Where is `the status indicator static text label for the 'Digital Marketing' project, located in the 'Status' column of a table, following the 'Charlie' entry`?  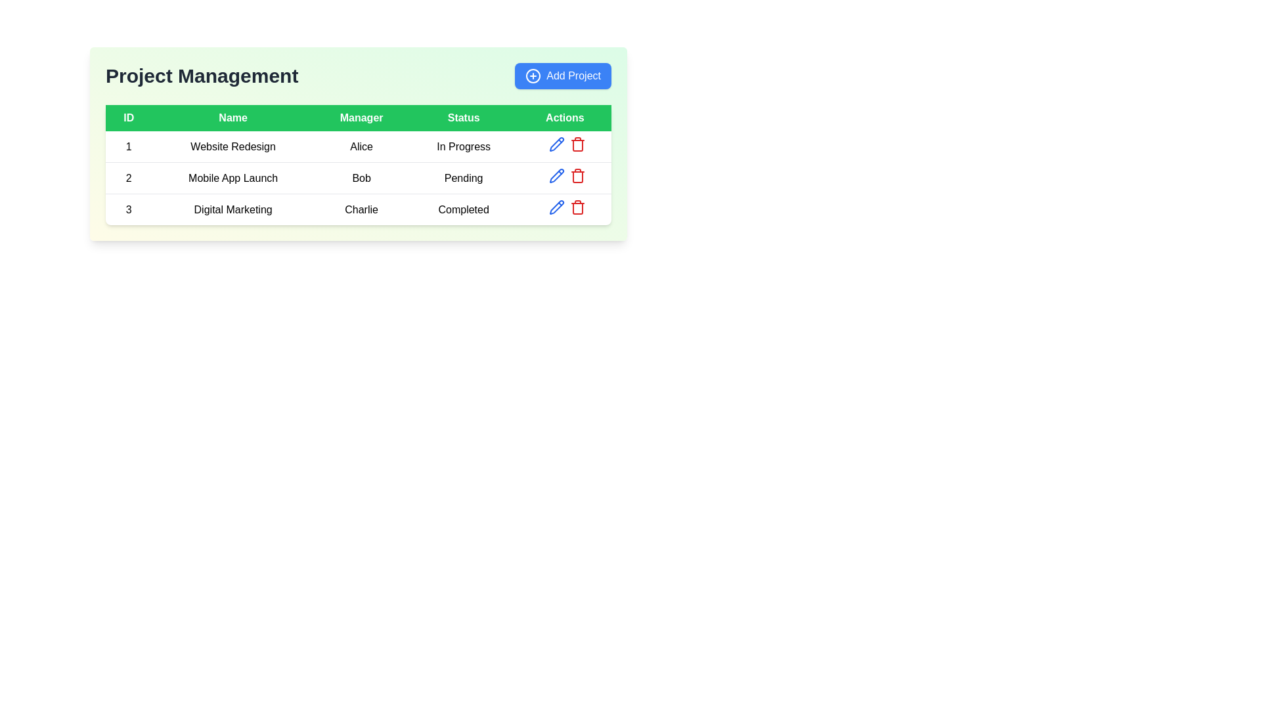 the status indicator static text label for the 'Digital Marketing' project, located in the 'Status' column of a table, following the 'Charlie' entry is located at coordinates (464, 209).